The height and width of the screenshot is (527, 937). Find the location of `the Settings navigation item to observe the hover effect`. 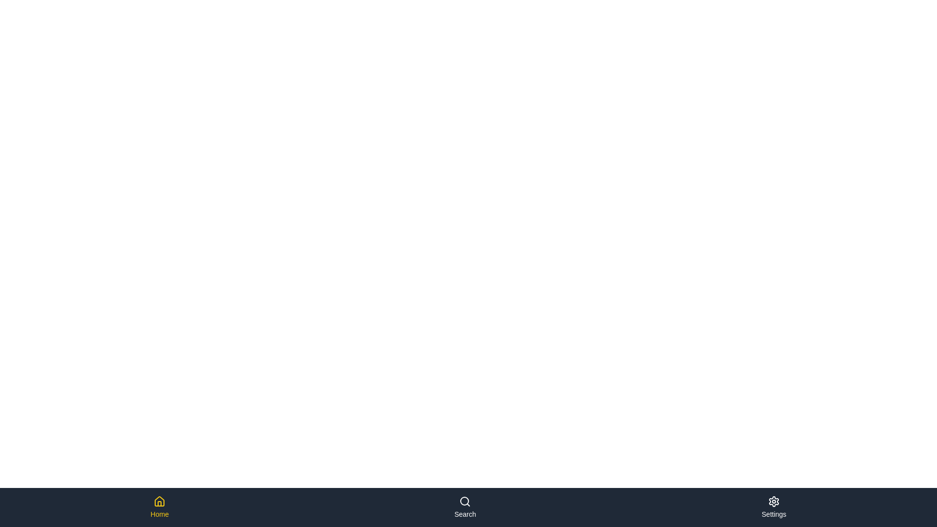

the Settings navigation item to observe the hover effect is located at coordinates (773, 507).